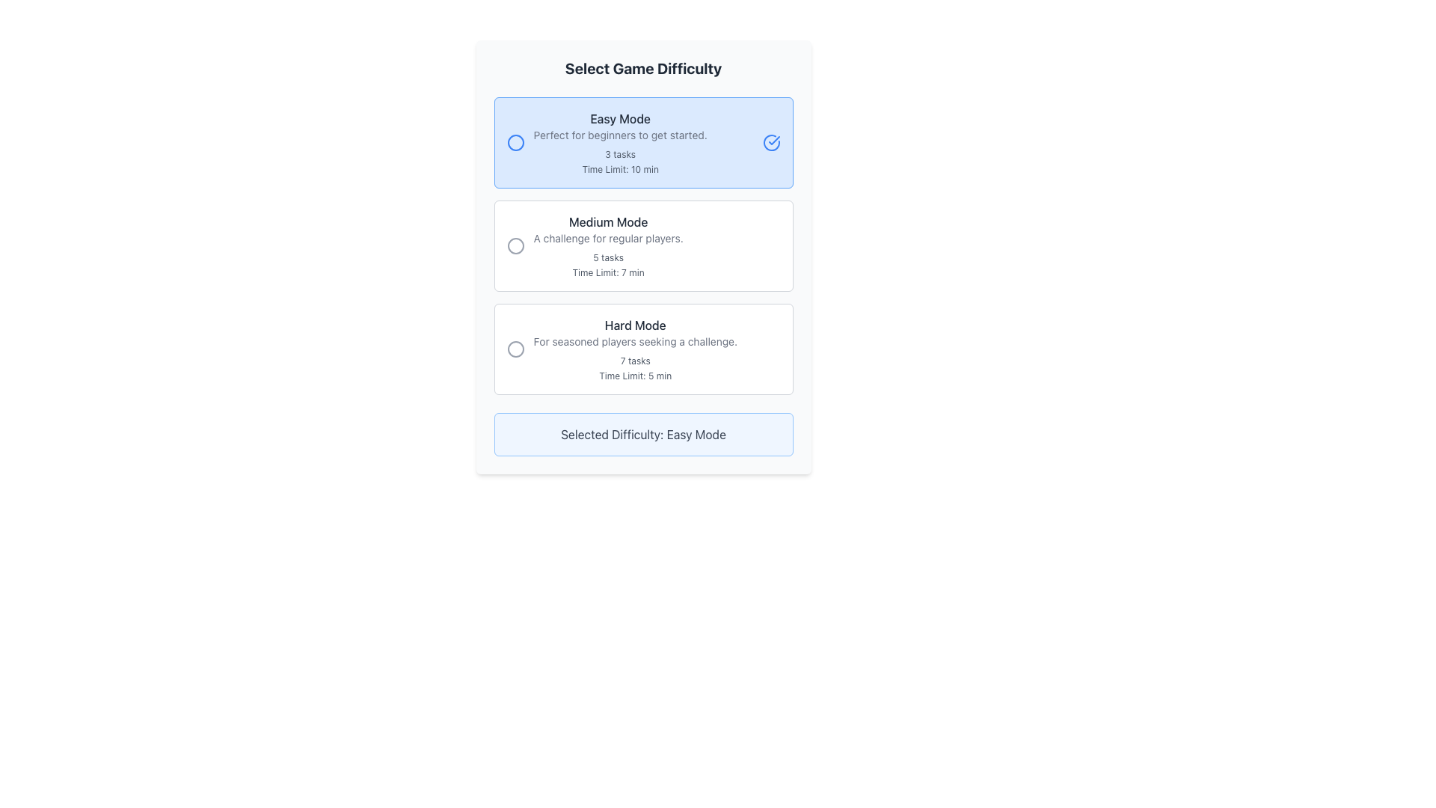 The height and width of the screenshot is (808, 1436). What do you see at coordinates (608, 238) in the screenshot?
I see `the static text element reading 'A challenge for regular players.' which is located directly below the 'Medium Mode' heading` at bounding box center [608, 238].